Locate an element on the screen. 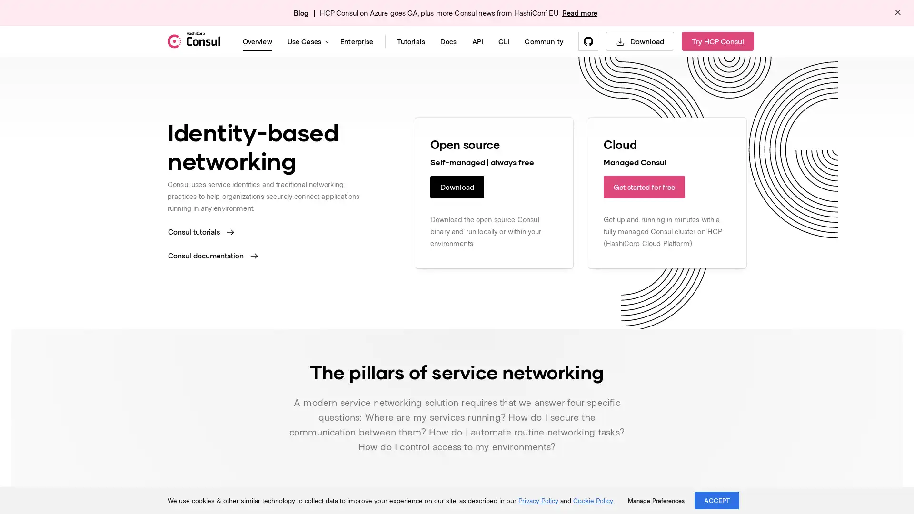  Use Cases is located at coordinates (306, 41).